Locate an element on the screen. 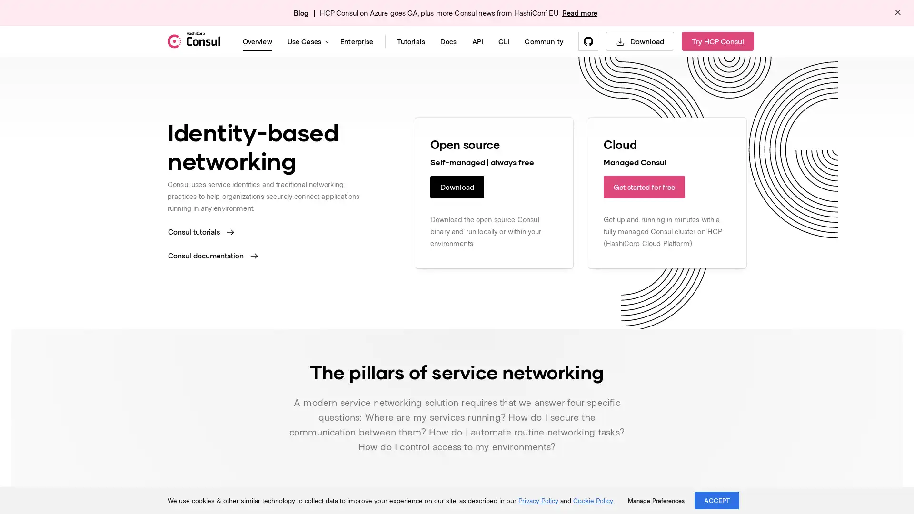  Use Cases is located at coordinates (306, 41).